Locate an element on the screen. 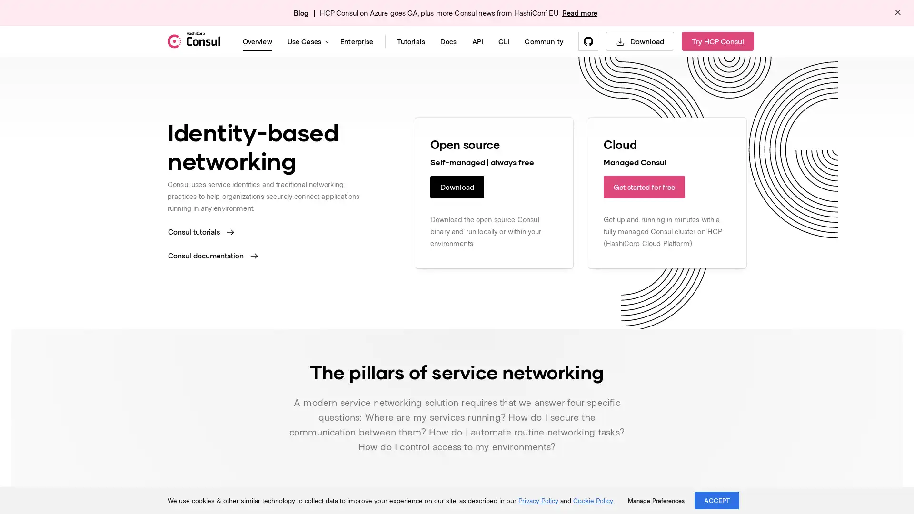  Use Cases is located at coordinates (306, 41).